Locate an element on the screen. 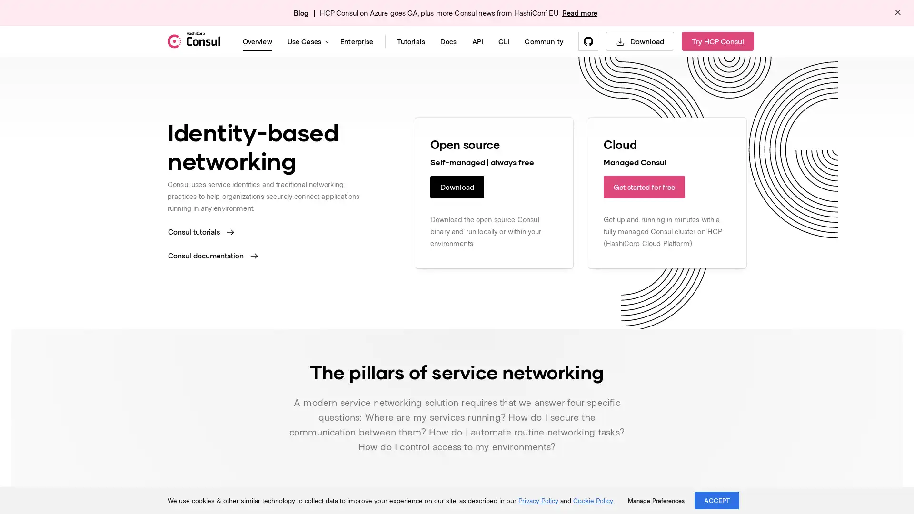  Use Cases is located at coordinates (306, 41).